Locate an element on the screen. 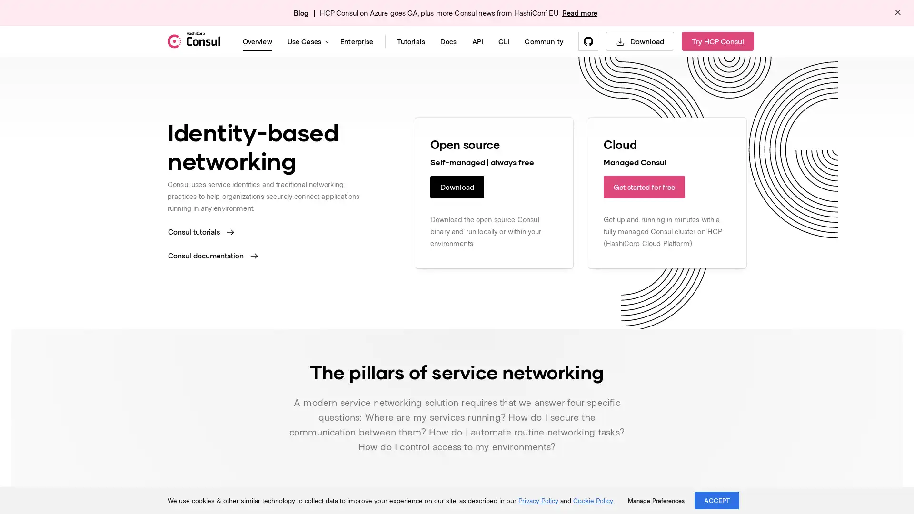  Use Cases is located at coordinates (306, 41).